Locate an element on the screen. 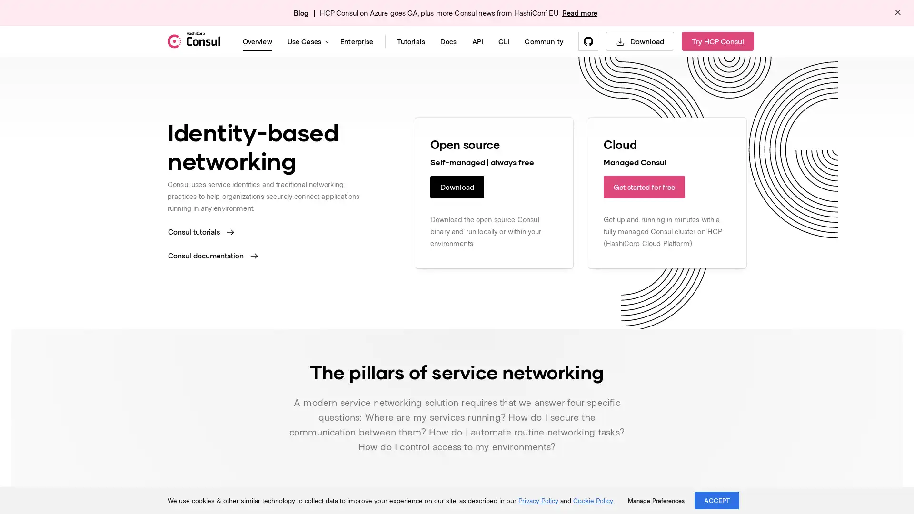  Use Cases is located at coordinates (306, 41).